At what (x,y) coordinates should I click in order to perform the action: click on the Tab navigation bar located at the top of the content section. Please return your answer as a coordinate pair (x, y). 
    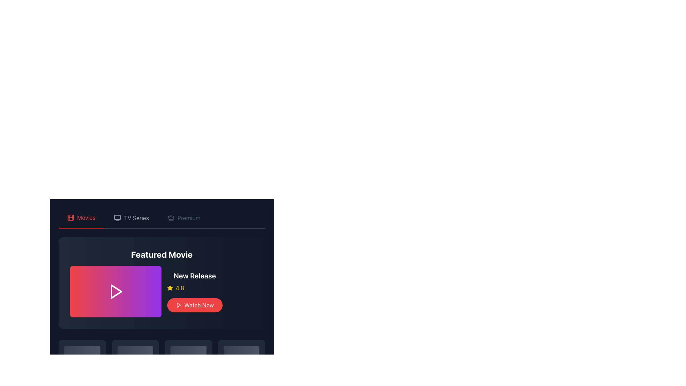
    Looking at the image, I should click on (161, 218).